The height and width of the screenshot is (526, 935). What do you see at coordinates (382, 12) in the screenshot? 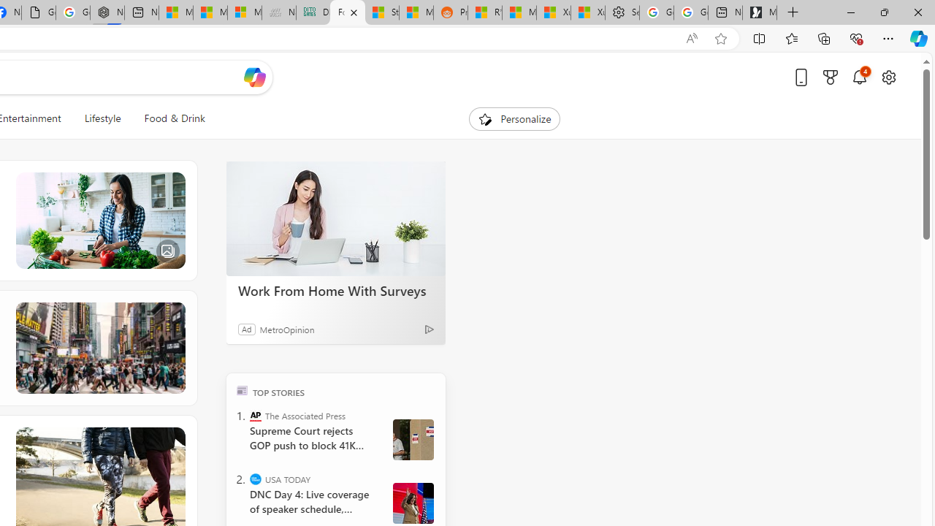
I see `'Stocks - MSN'` at bounding box center [382, 12].